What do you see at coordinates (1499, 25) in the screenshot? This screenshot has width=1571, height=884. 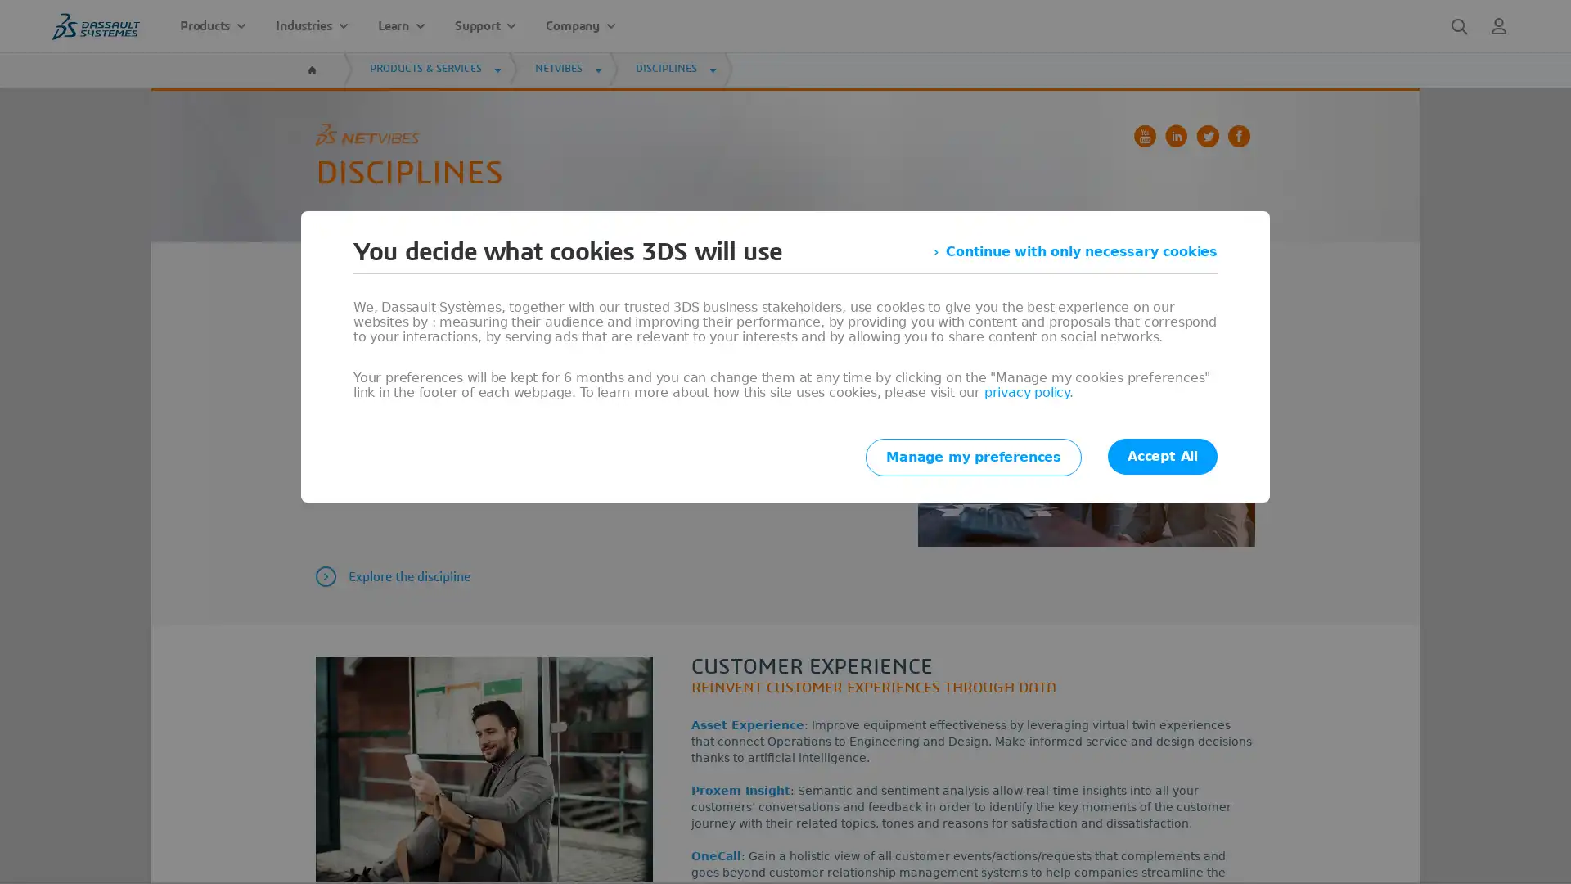 I see `login` at bounding box center [1499, 25].